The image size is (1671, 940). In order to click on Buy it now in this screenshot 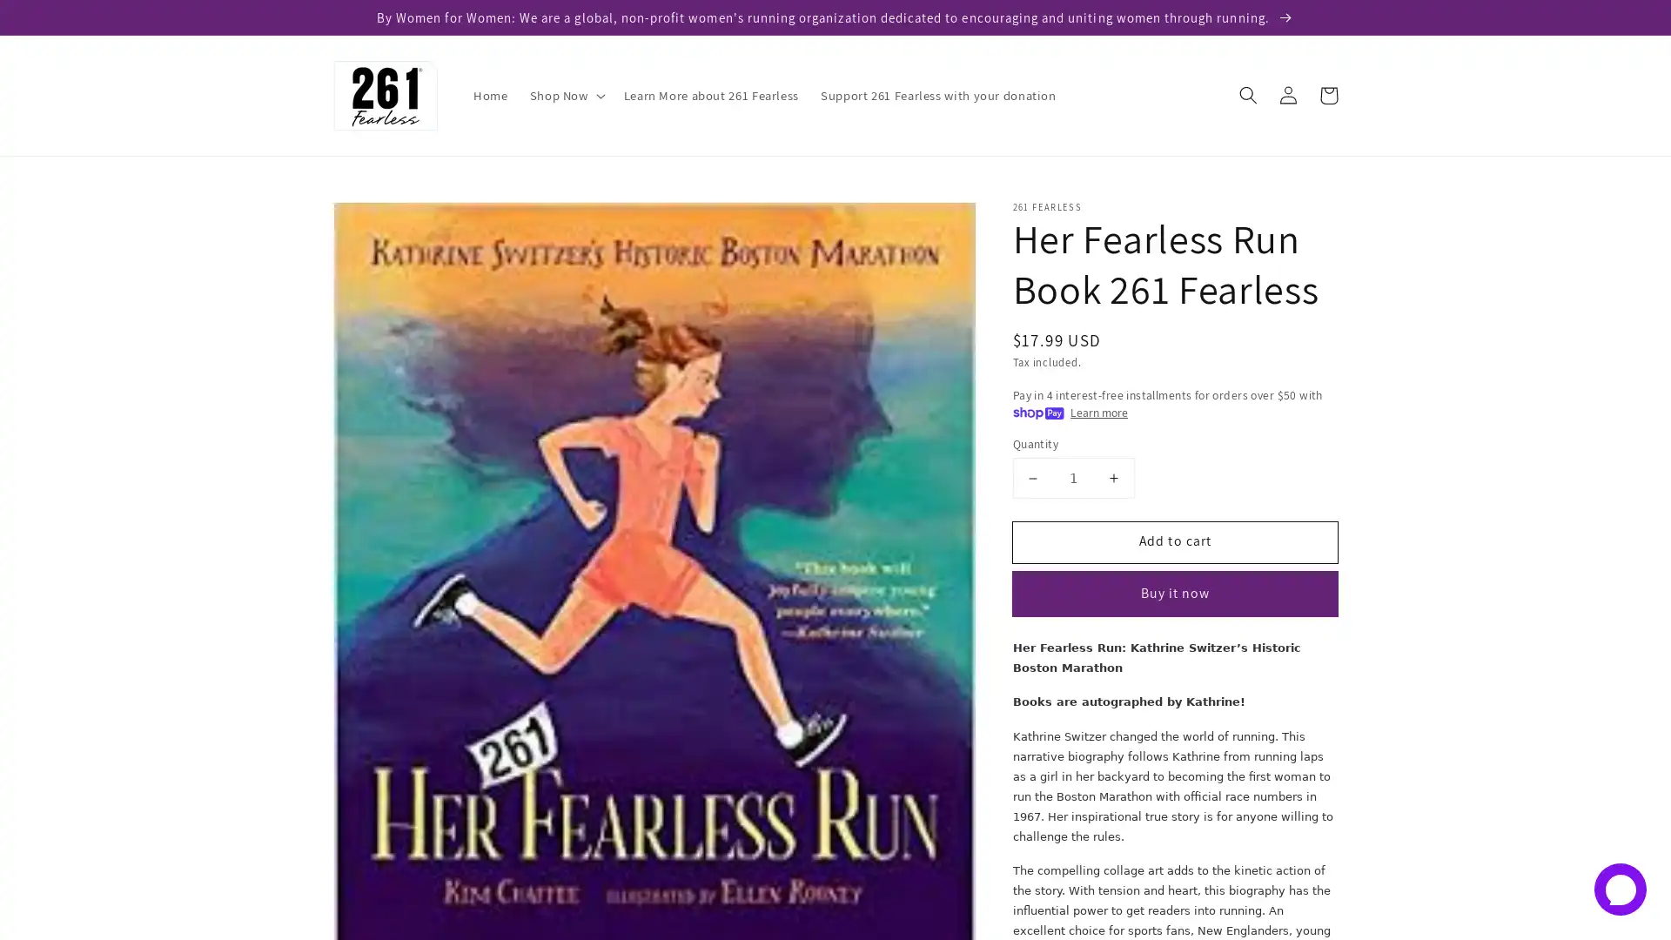, I will do `click(1174, 593)`.